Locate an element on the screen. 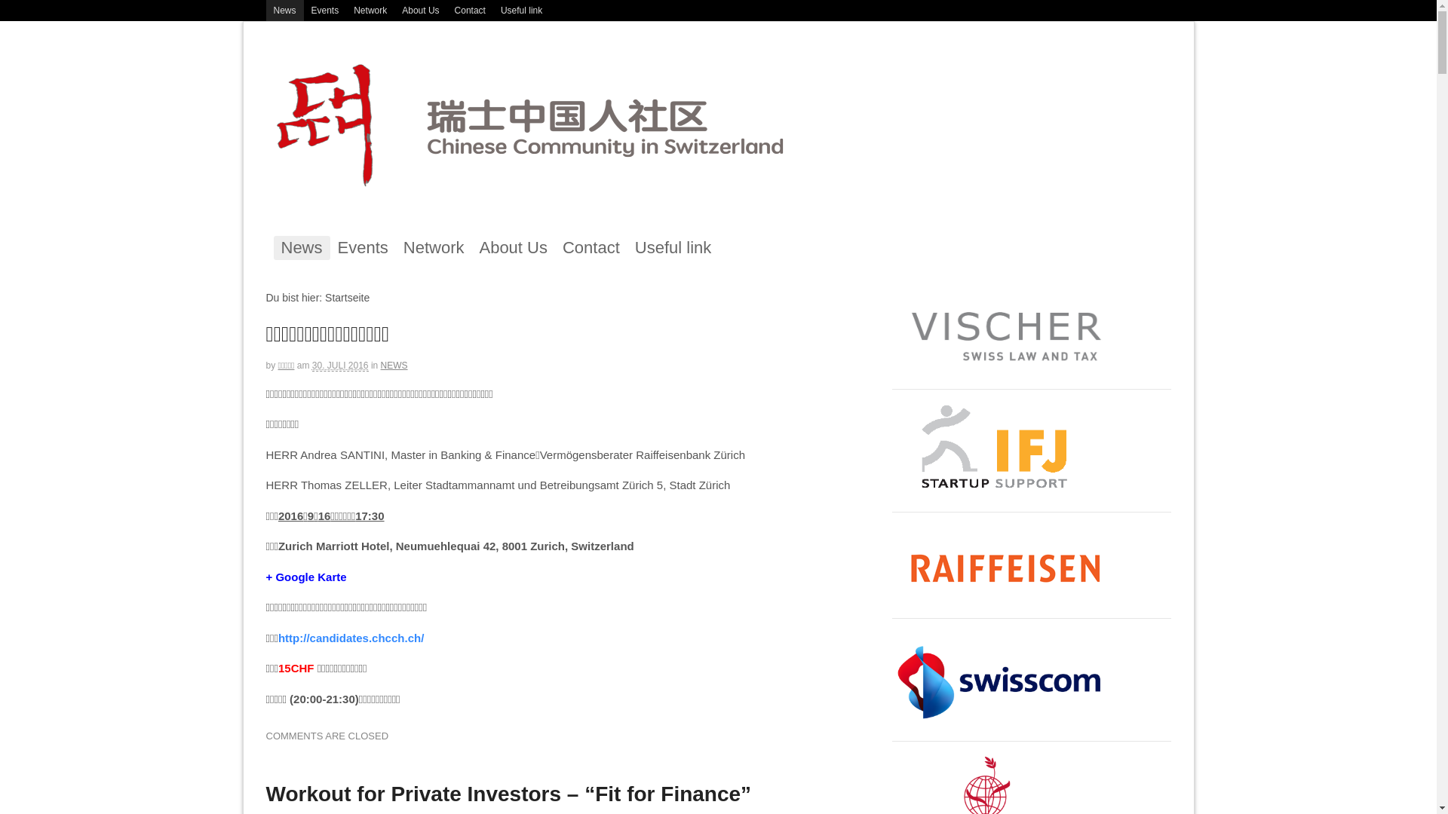  'About Us' is located at coordinates (420, 11).